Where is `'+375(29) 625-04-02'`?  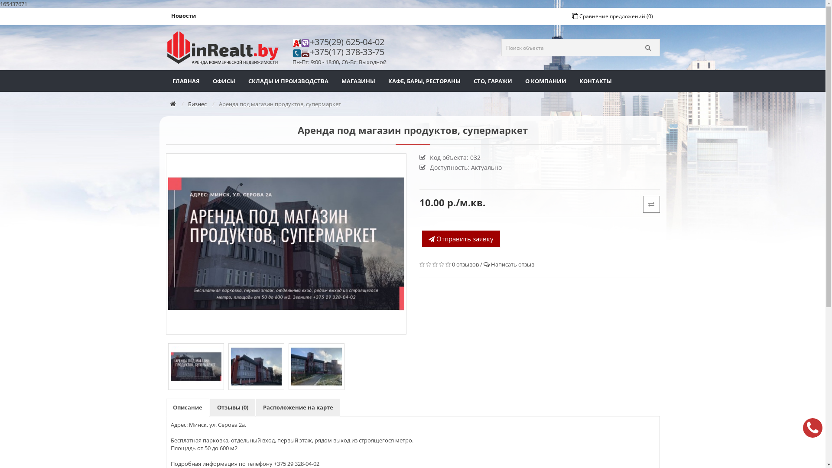 '+375(29) 625-04-02' is located at coordinates (349, 42).